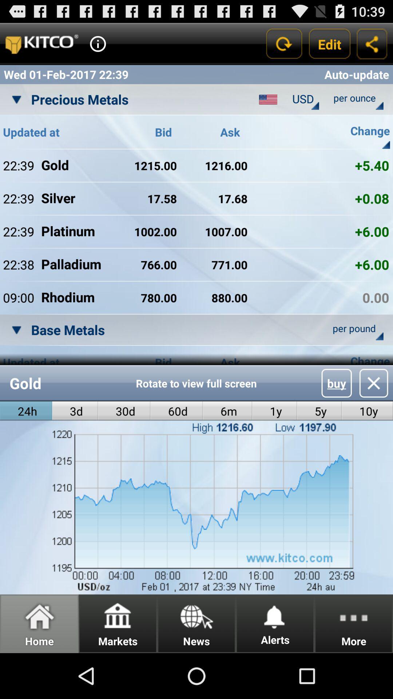 The height and width of the screenshot is (699, 393). Describe the element at coordinates (75, 411) in the screenshot. I see `the 3d radio button` at that location.